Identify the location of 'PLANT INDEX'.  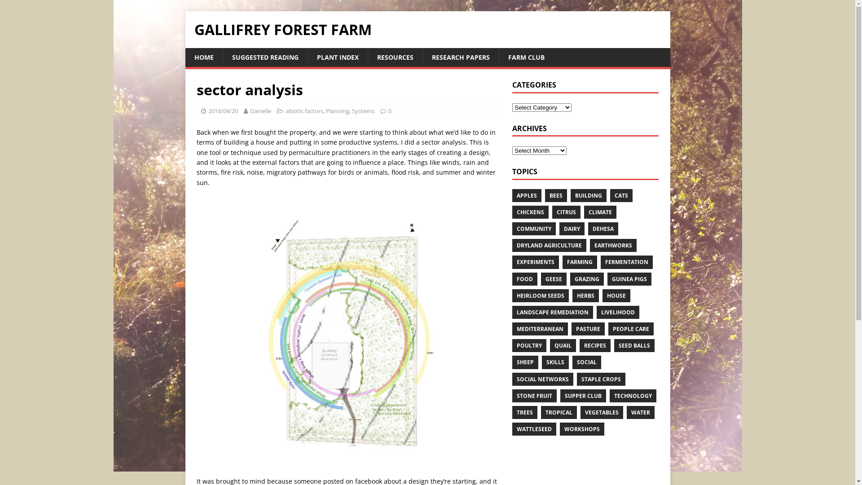
(336, 57).